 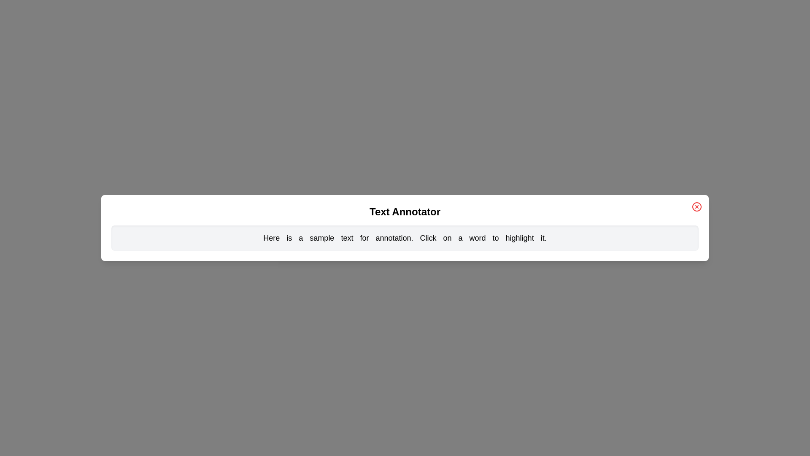 What do you see at coordinates (271, 238) in the screenshot?
I see `the word 'Here' to toggle its highlighting` at bounding box center [271, 238].